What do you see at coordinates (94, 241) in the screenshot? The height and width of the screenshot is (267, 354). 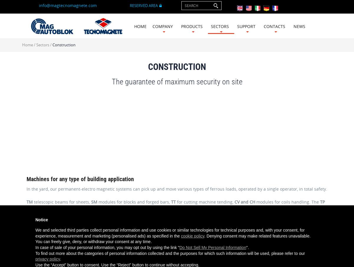 I see `'You can freely give, deny, or withdraw your consent at any time.'` at bounding box center [94, 241].